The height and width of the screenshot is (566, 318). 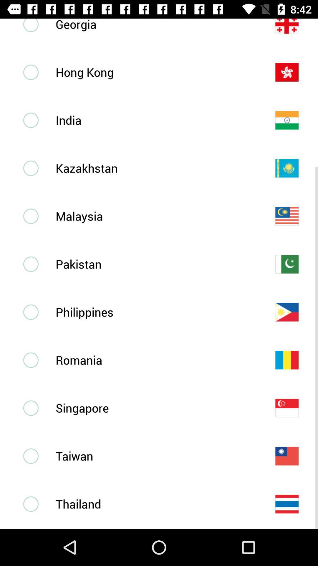 I want to click on the malaysia icon, so click(x=155, y=216).